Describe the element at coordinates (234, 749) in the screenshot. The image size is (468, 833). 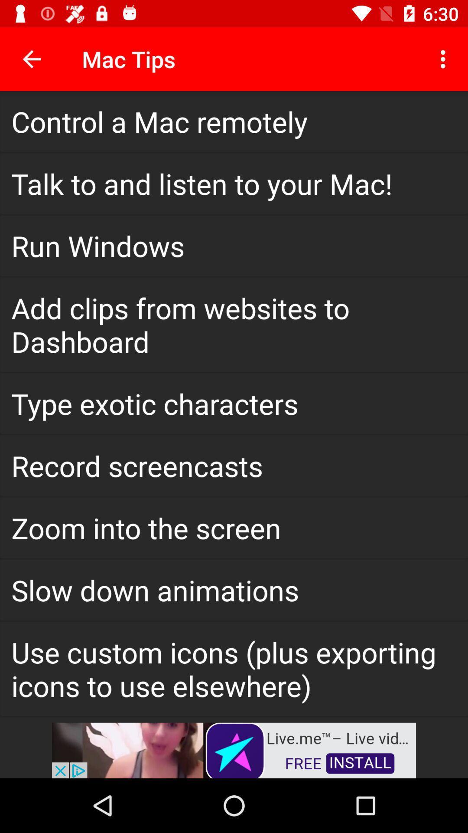
I see `install app` at that location.